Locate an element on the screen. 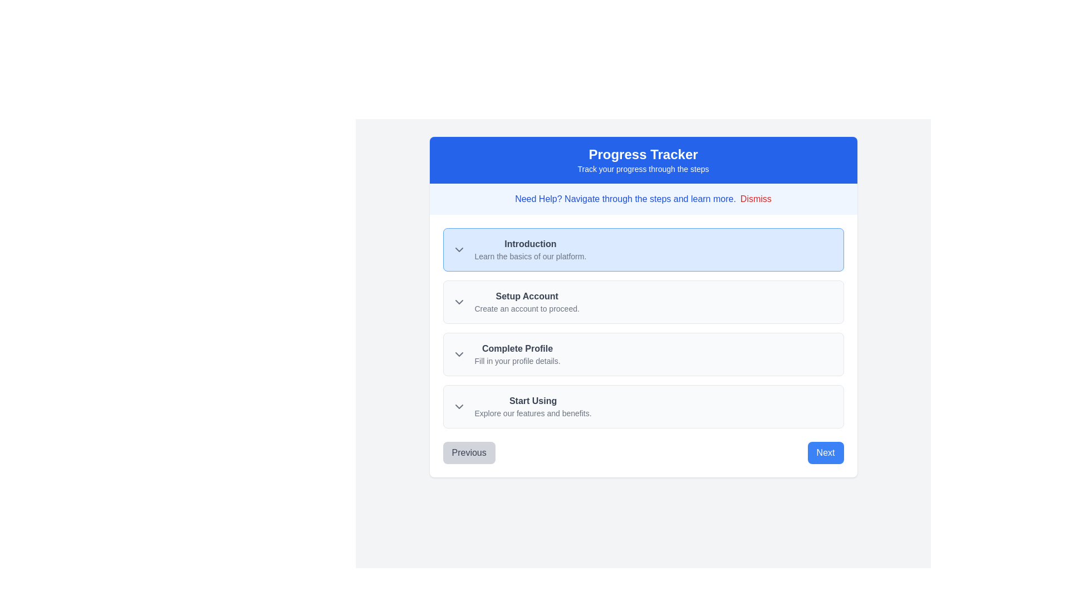 This screenshot has width=1069, height=601. the 'Introduction' text block, which features a bold dark gray 'Introduction' title and a lighter gray subtitle on a light blue background, positioned under the 'Progress Tracker' header is located at coordinates (529, 249).